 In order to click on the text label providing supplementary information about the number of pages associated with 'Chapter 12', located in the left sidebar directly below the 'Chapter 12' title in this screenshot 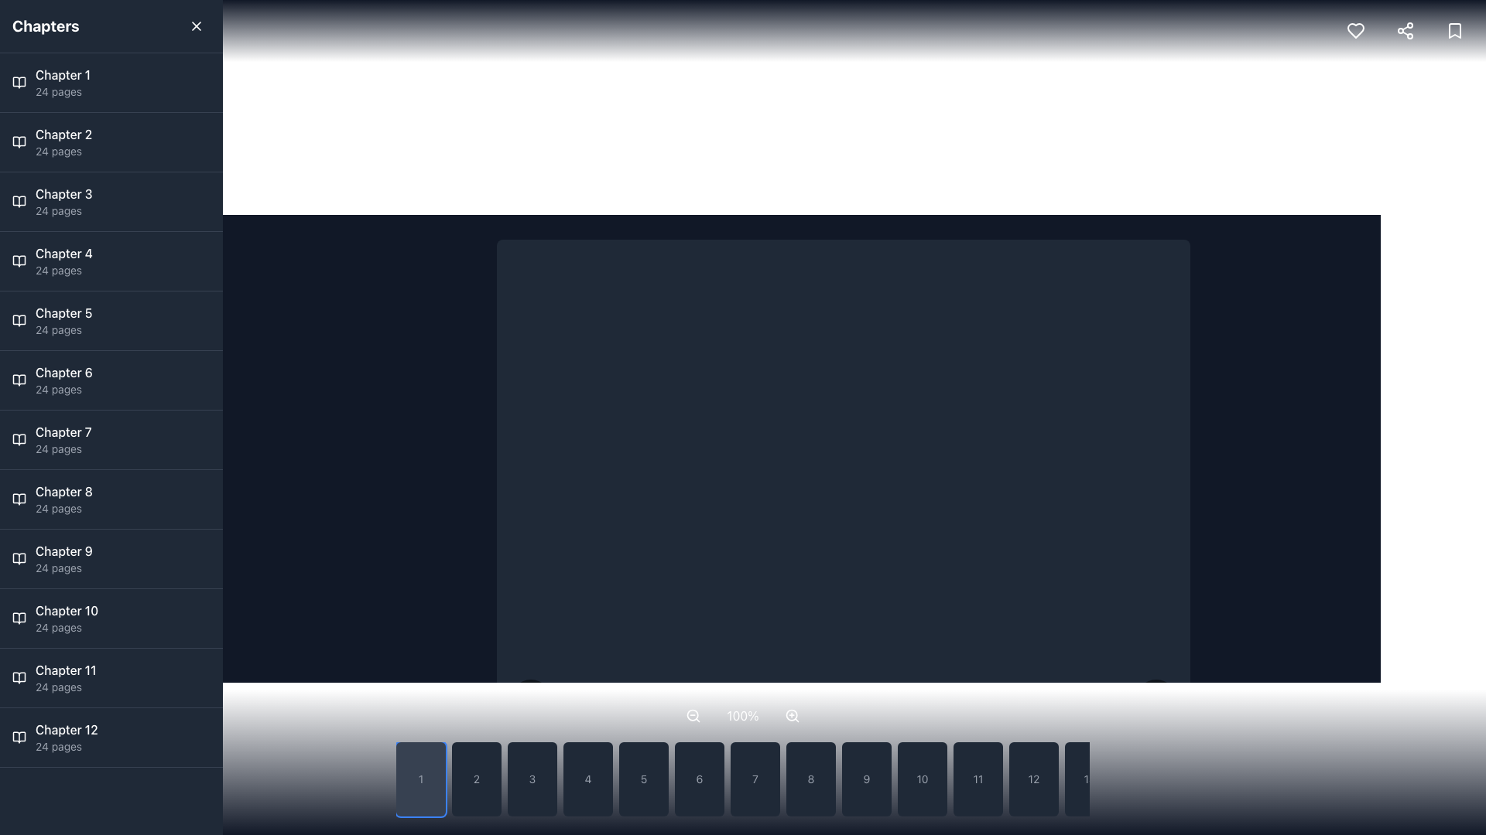, I will do `click(66, 745)`.